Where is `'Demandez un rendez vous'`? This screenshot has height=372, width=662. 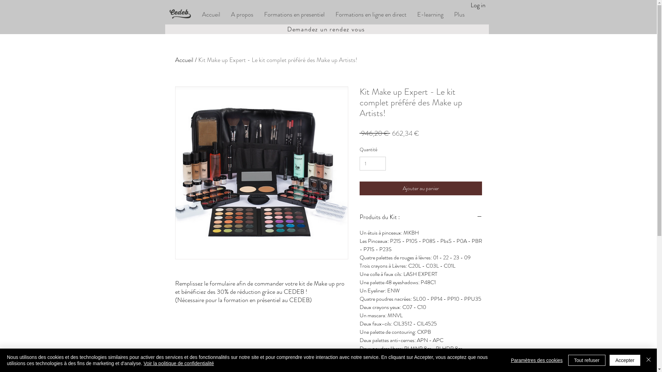 'Demandez un rendez vous' is located at coordinates (326, 29).